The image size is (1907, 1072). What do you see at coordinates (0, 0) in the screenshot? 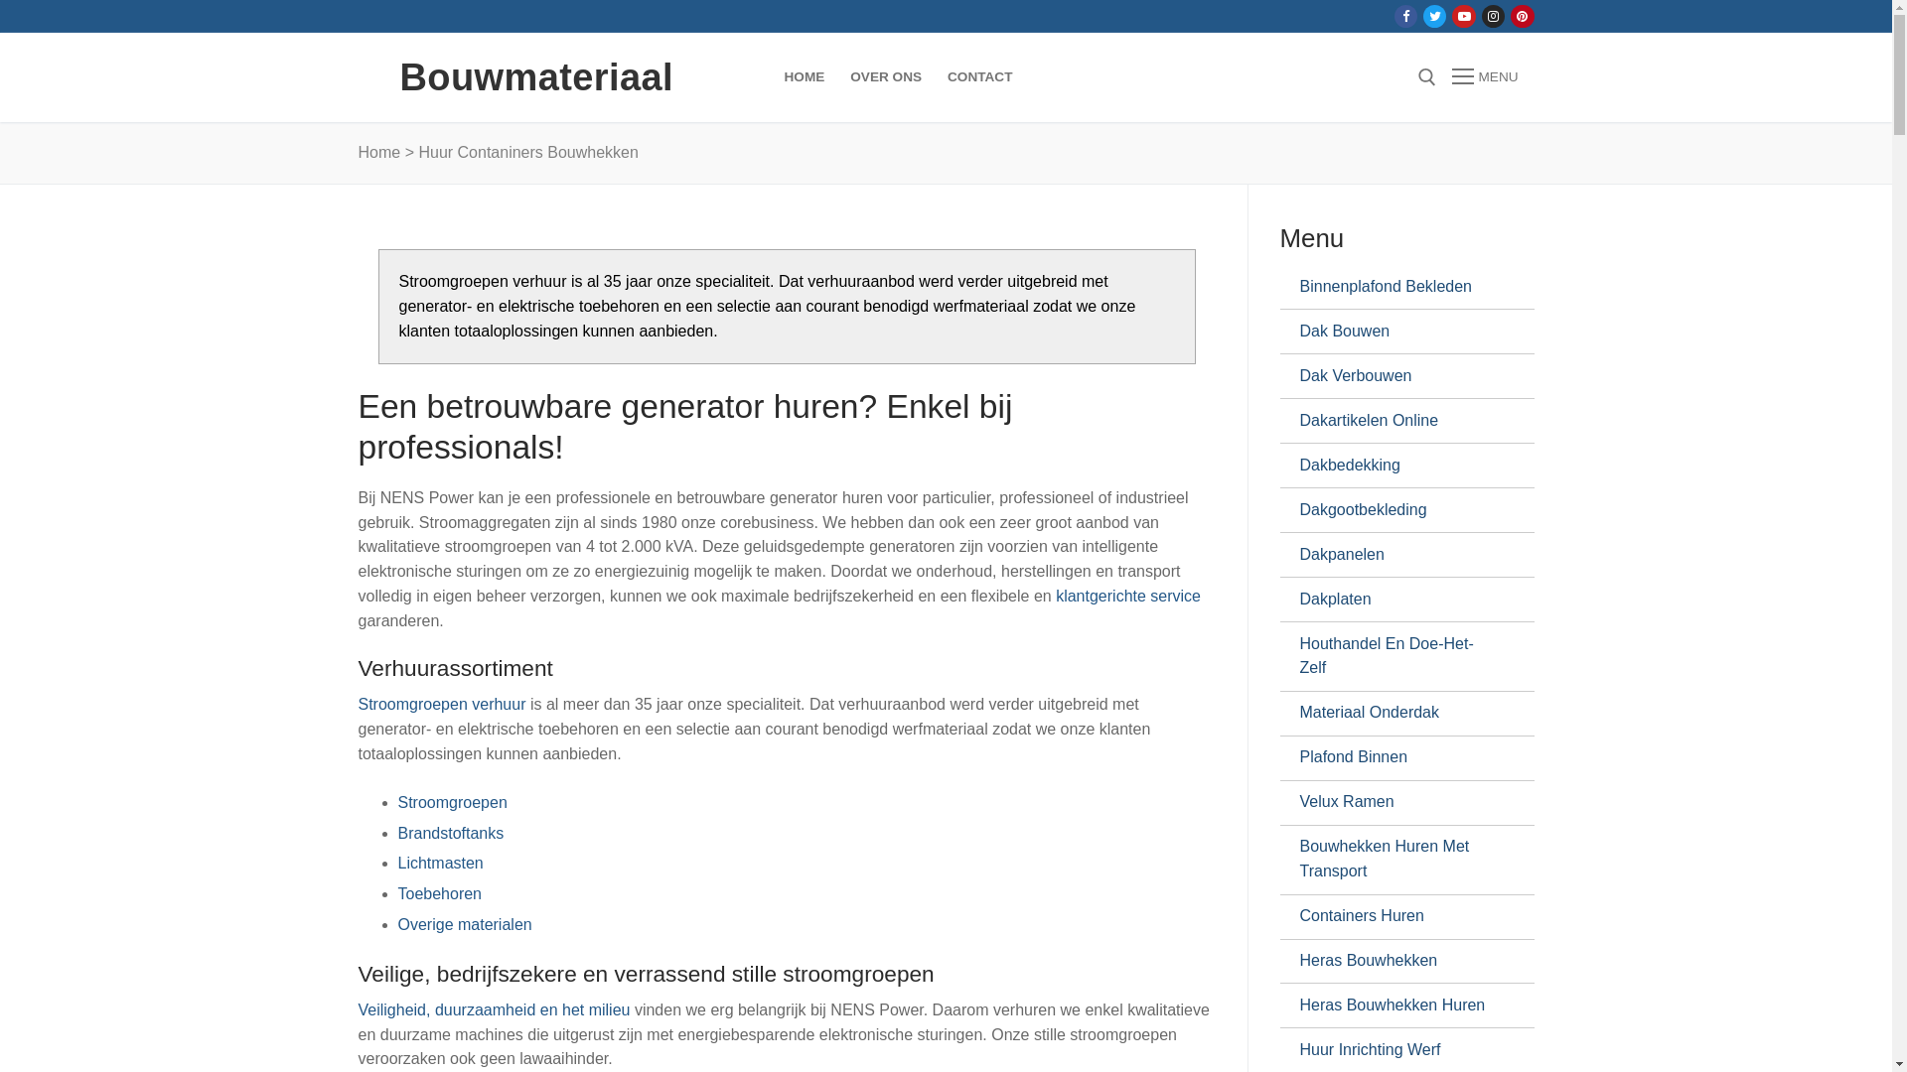
I see `'Spring naar de inhoud'` at bounding box center [0, 0].